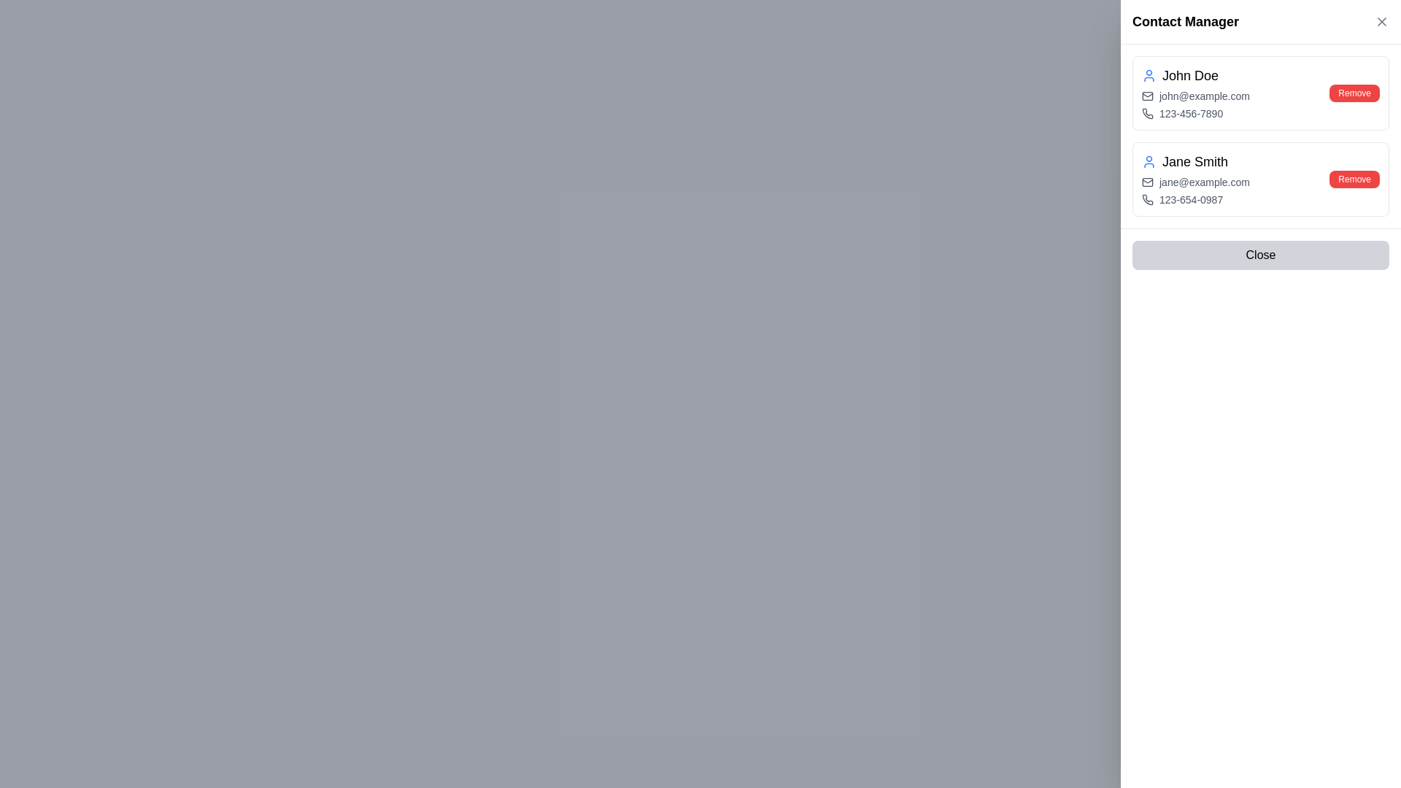 The image size is (1401, 788). I want to click on the text label 'John Doe' with a blue user icon located at the top of the first contact card in the 'Contact Manager' panel, so click(1195, 76).